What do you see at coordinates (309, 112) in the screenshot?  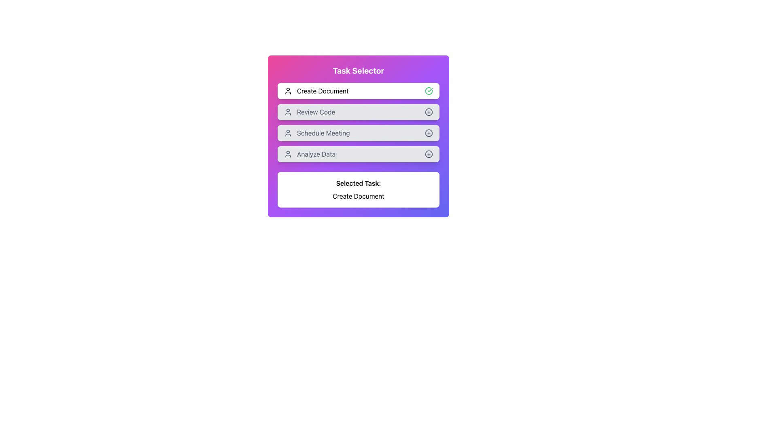 I see `the 'Review Code' button, which is the second option in the task list of the 'Task Selector' modal` at bounding box center [309, 112].